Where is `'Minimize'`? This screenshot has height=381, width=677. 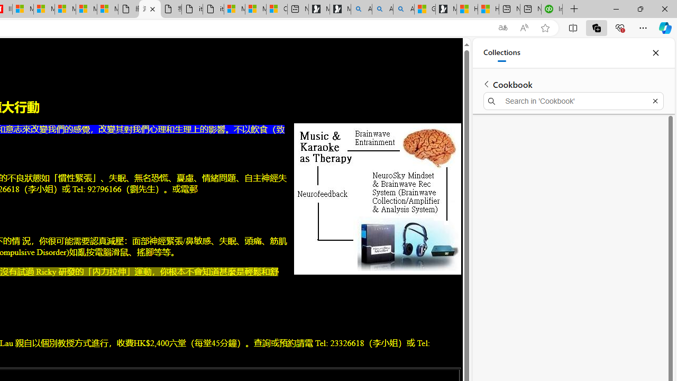
'Minimize' is located at coordinates (616, 8).